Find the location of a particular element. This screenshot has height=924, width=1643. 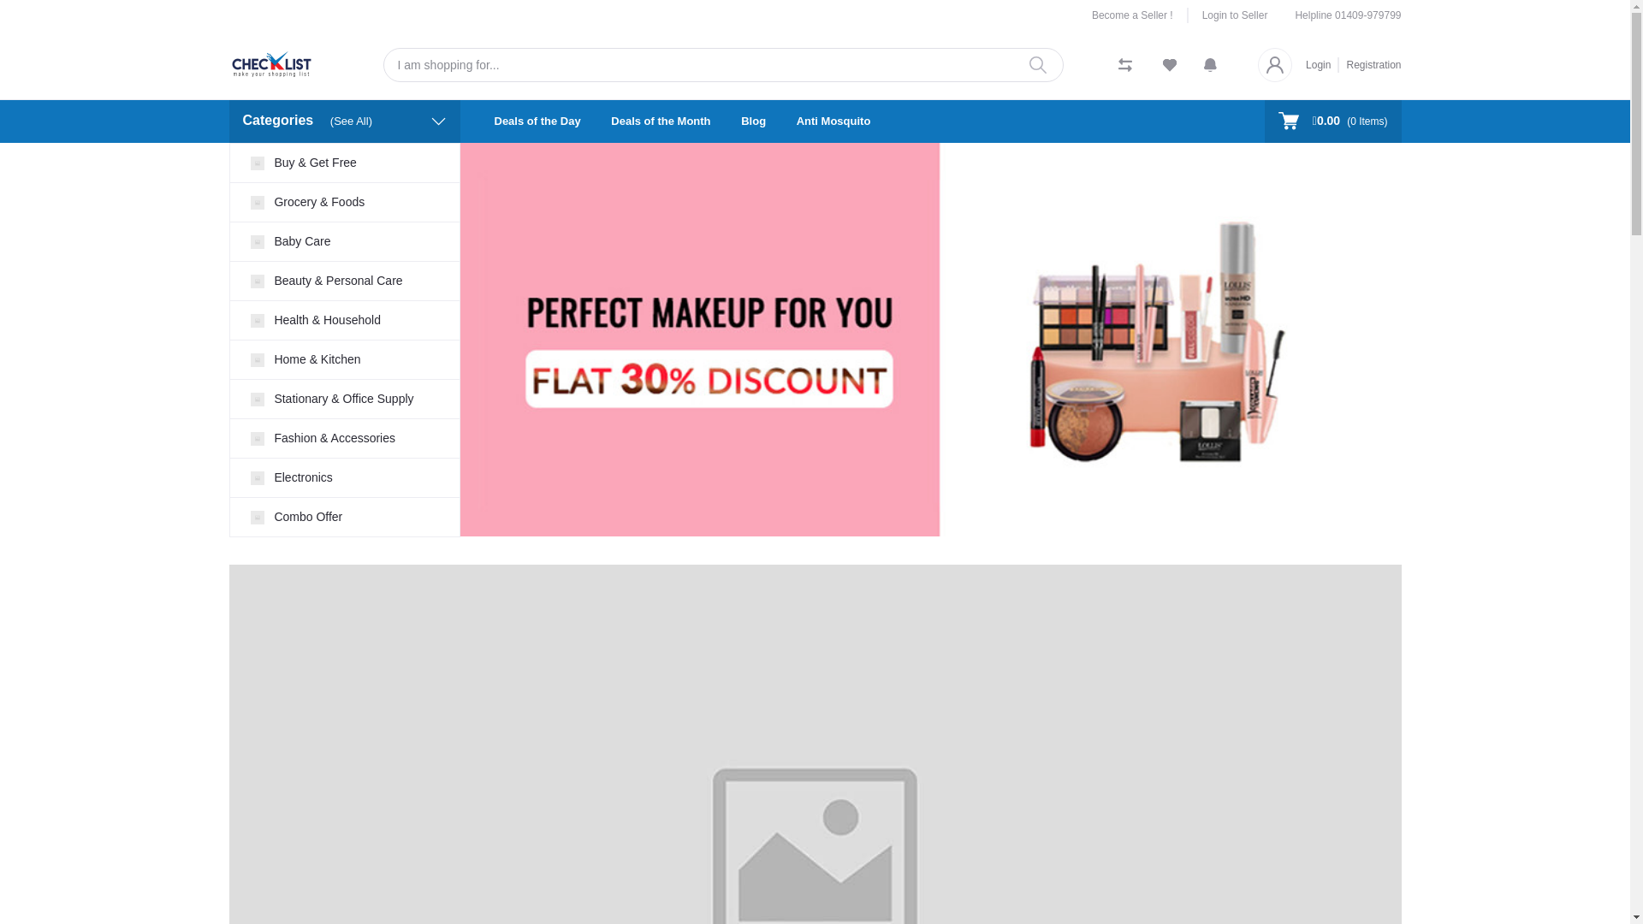

'Baby Care' is located at coordinates (343, 241).